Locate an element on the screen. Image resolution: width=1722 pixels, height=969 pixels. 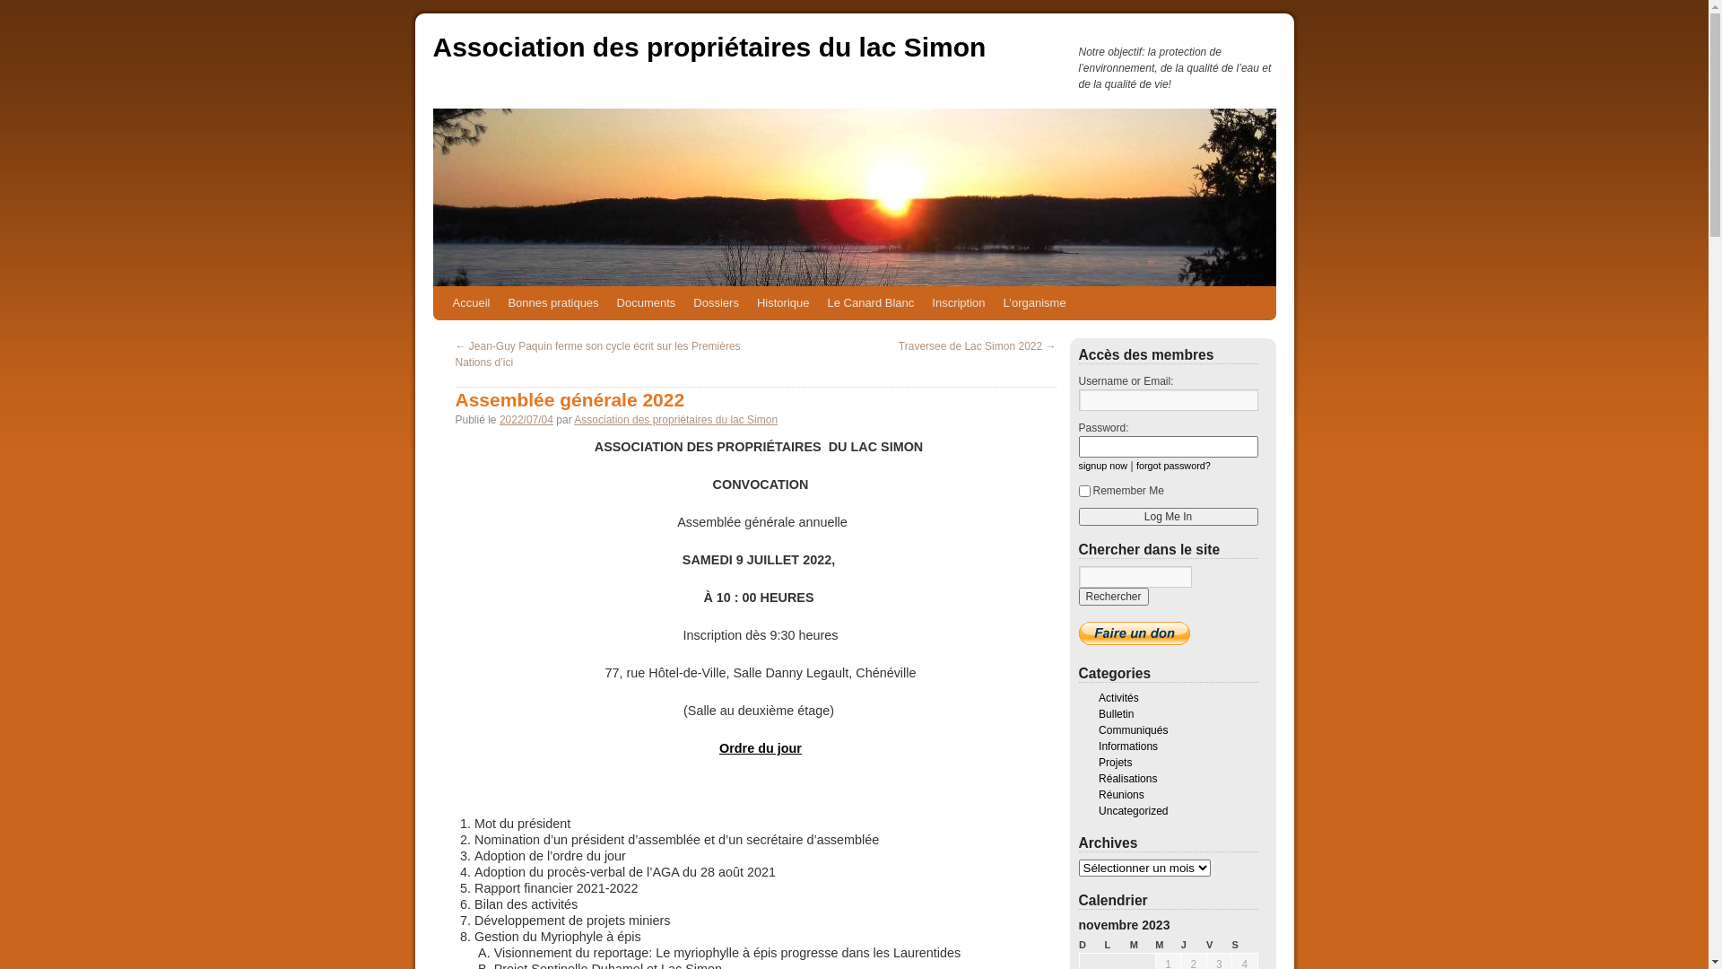
'Historique' is located at coordinates (783, 302).